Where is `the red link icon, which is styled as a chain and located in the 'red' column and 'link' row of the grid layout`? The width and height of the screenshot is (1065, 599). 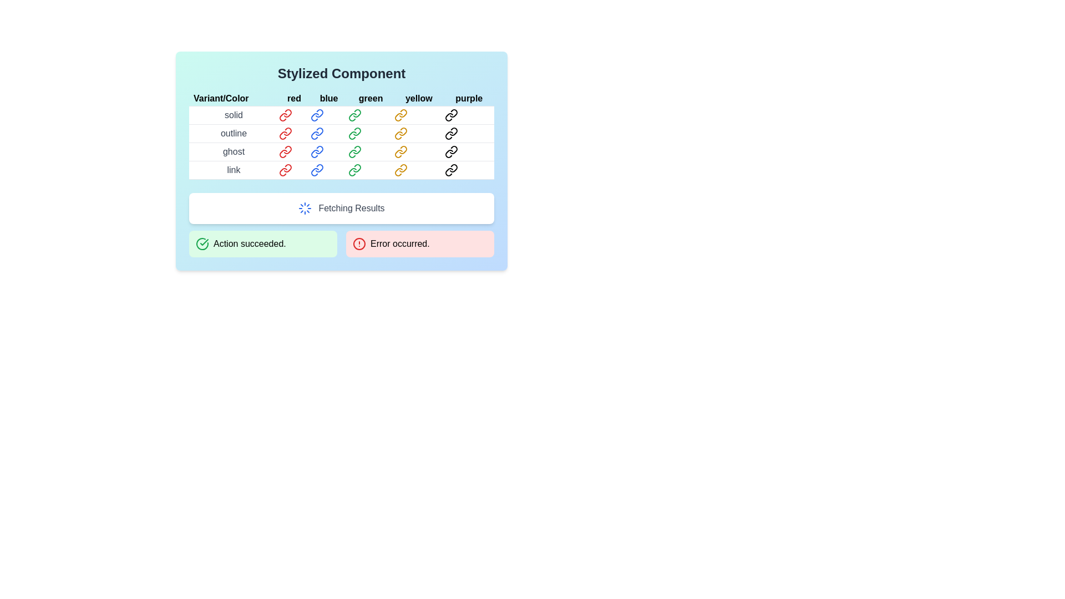 the red link icon, which is styled as a chain and located in the 'red' column and 'link' row of the grid layout is located at coordinates (294, 170).